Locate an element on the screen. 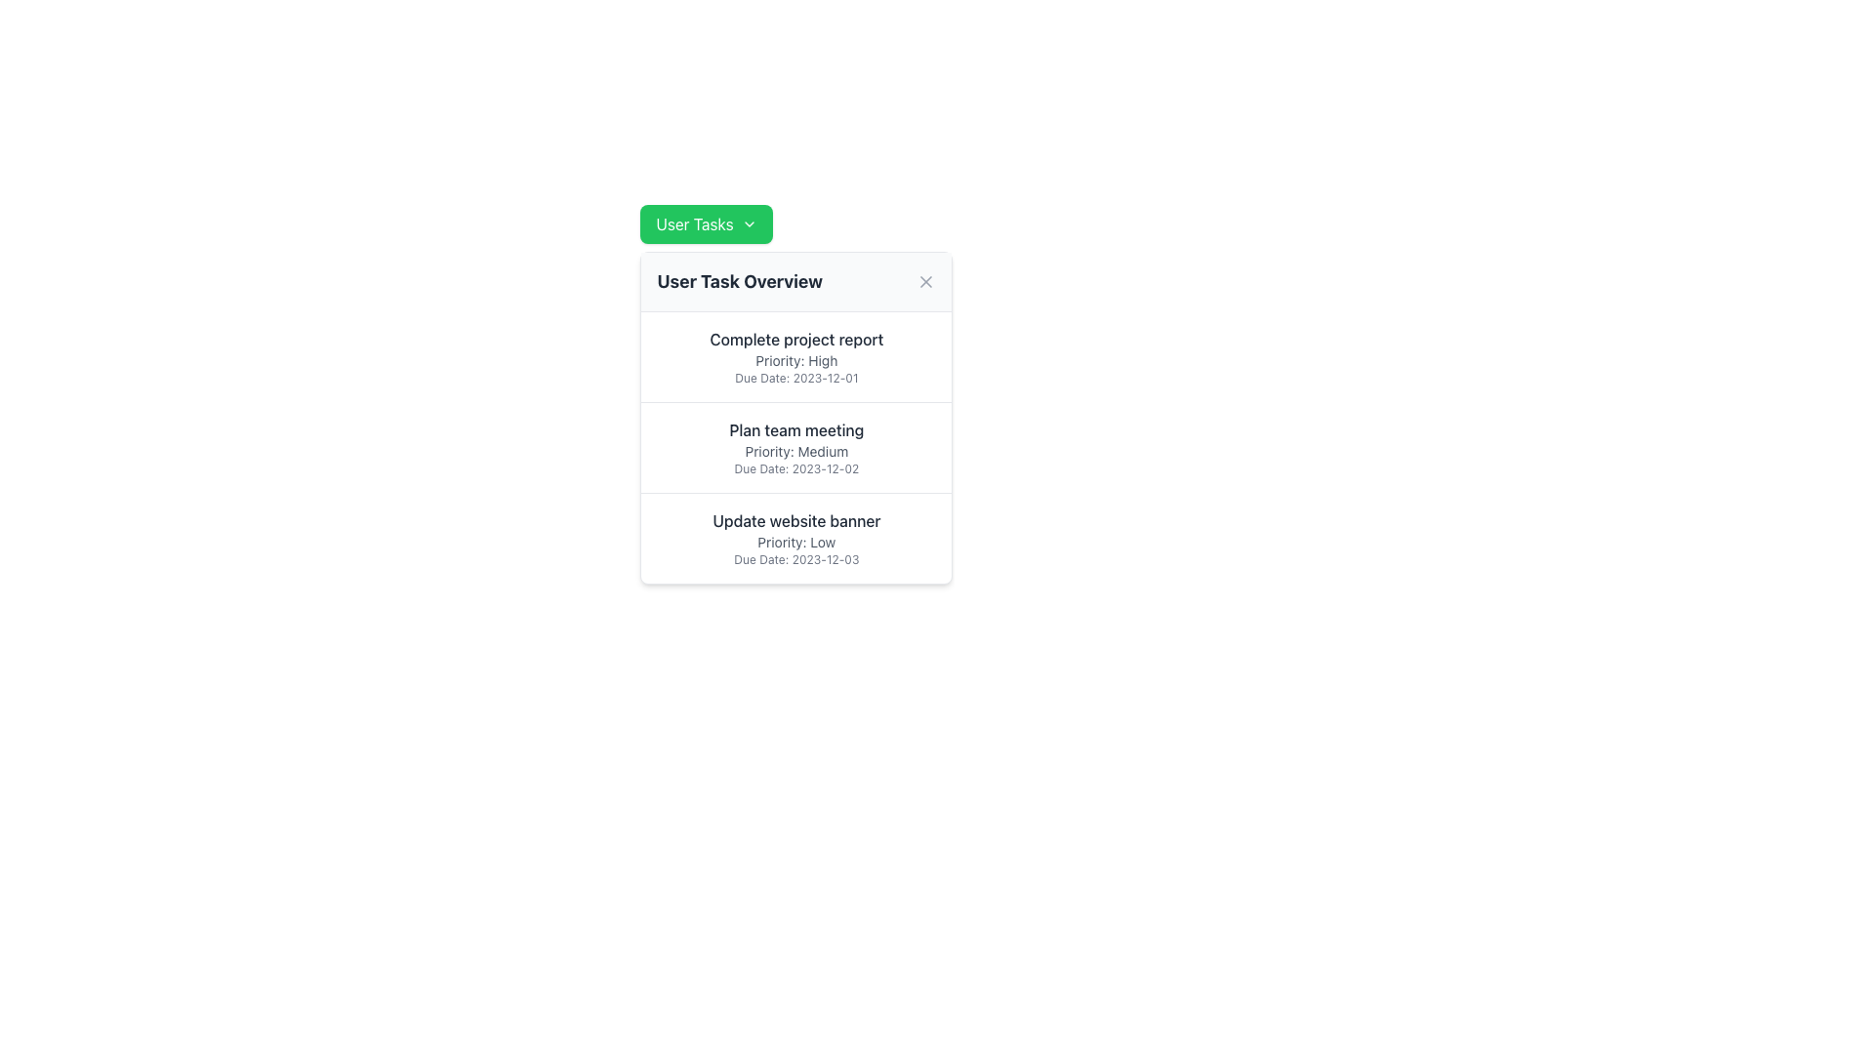  the text label displaying 'Priority: Medium' which is located under the heading 'Plan team meeting' and above the due date information is located at coordinates (796, 451).